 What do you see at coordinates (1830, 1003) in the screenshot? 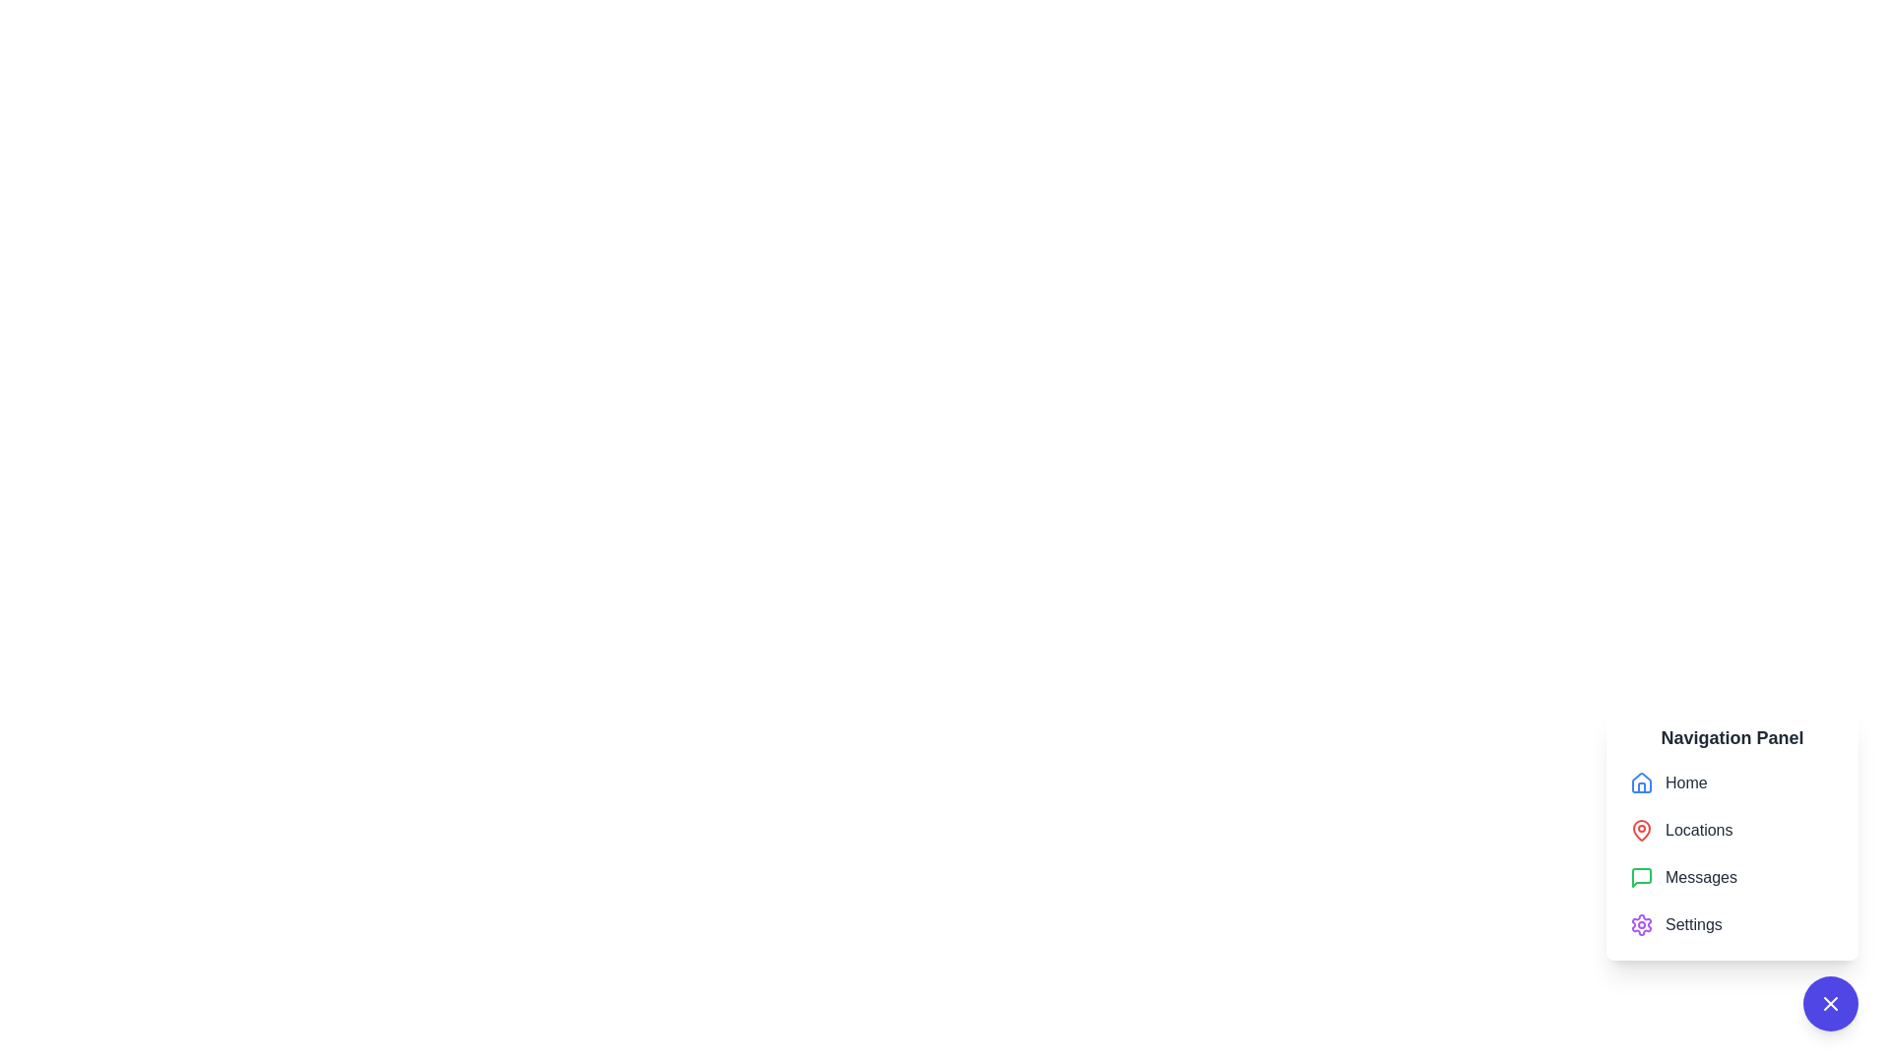
I see `the close button located in the bottom-right corner of the navigation panel` at bounding box center [1830, 1003].